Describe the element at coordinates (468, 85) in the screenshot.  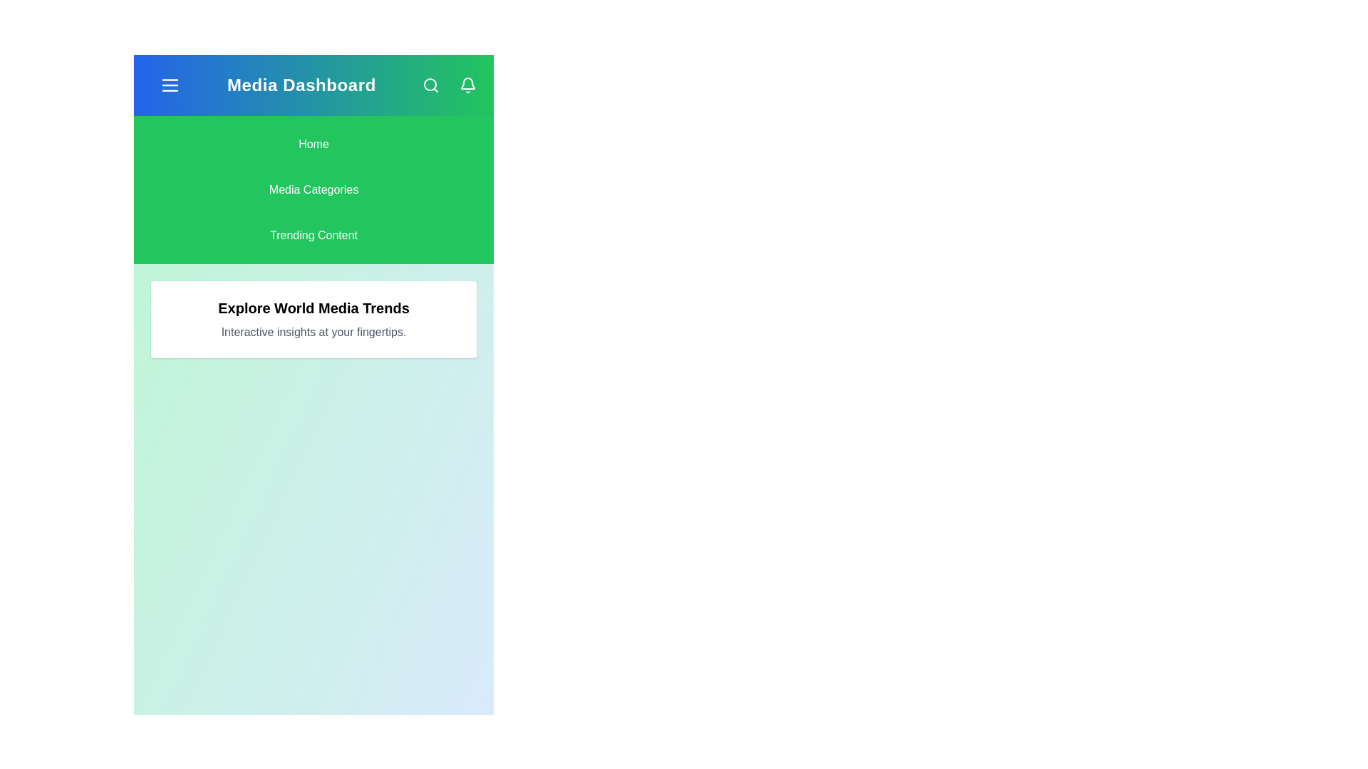
I see `notification bell icon` at that location.